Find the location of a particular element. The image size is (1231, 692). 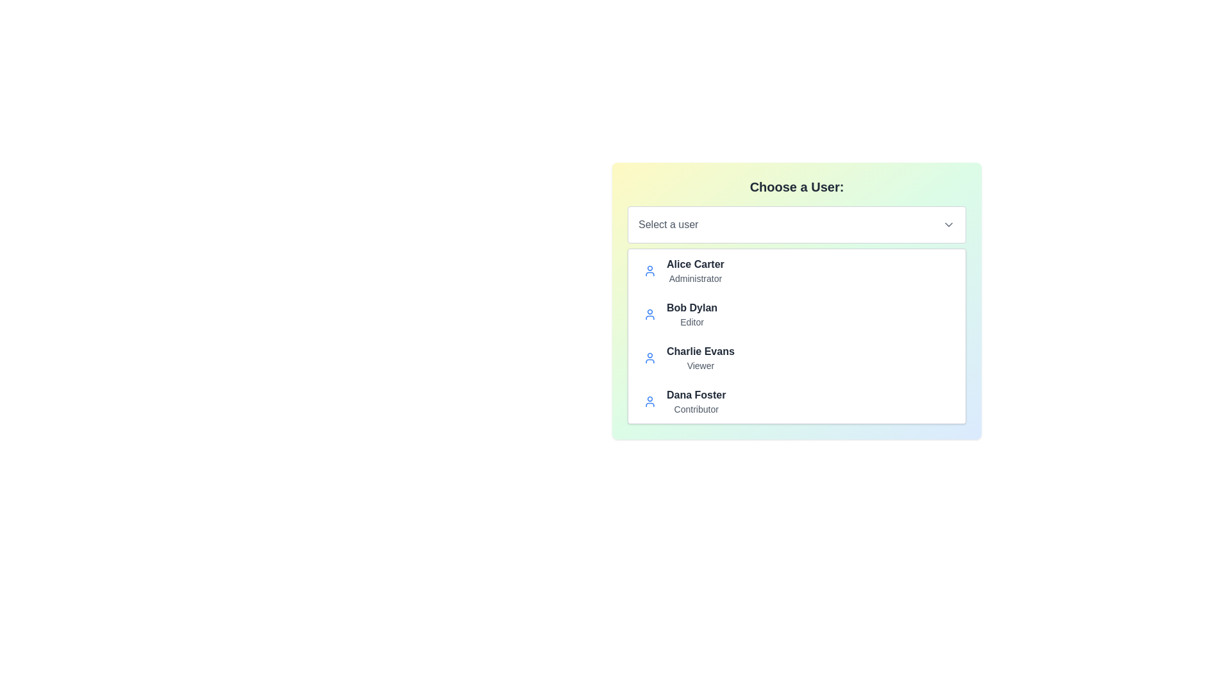

the text label displaying 'Bob Dylan', 'Editor' in the user selection list within the dropdown modal is located at coordinates (691, 314).